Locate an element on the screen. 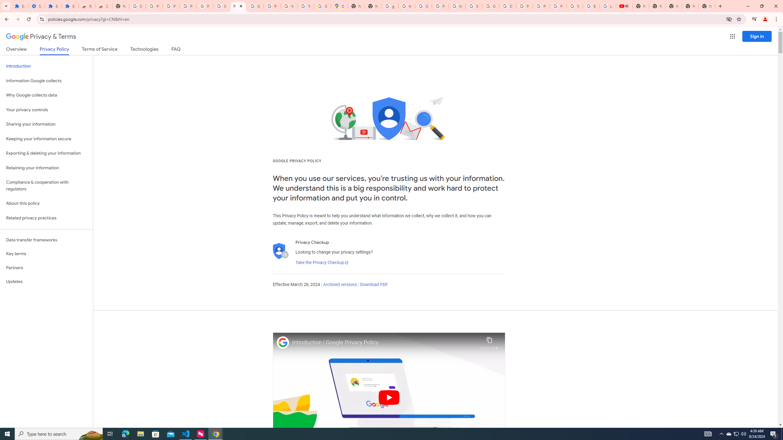 The image size is (783, 440). 'Google Maps' is located at coordinates (339, 6).